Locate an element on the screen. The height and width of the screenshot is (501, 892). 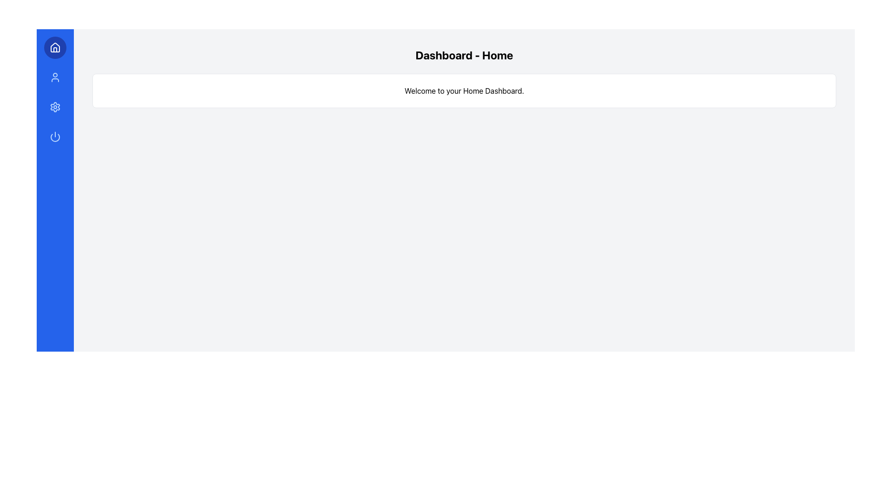
the circular gear icon with a blue background and white cogwheel outline in the vertical sidebar is located at coordinates (55, 107).